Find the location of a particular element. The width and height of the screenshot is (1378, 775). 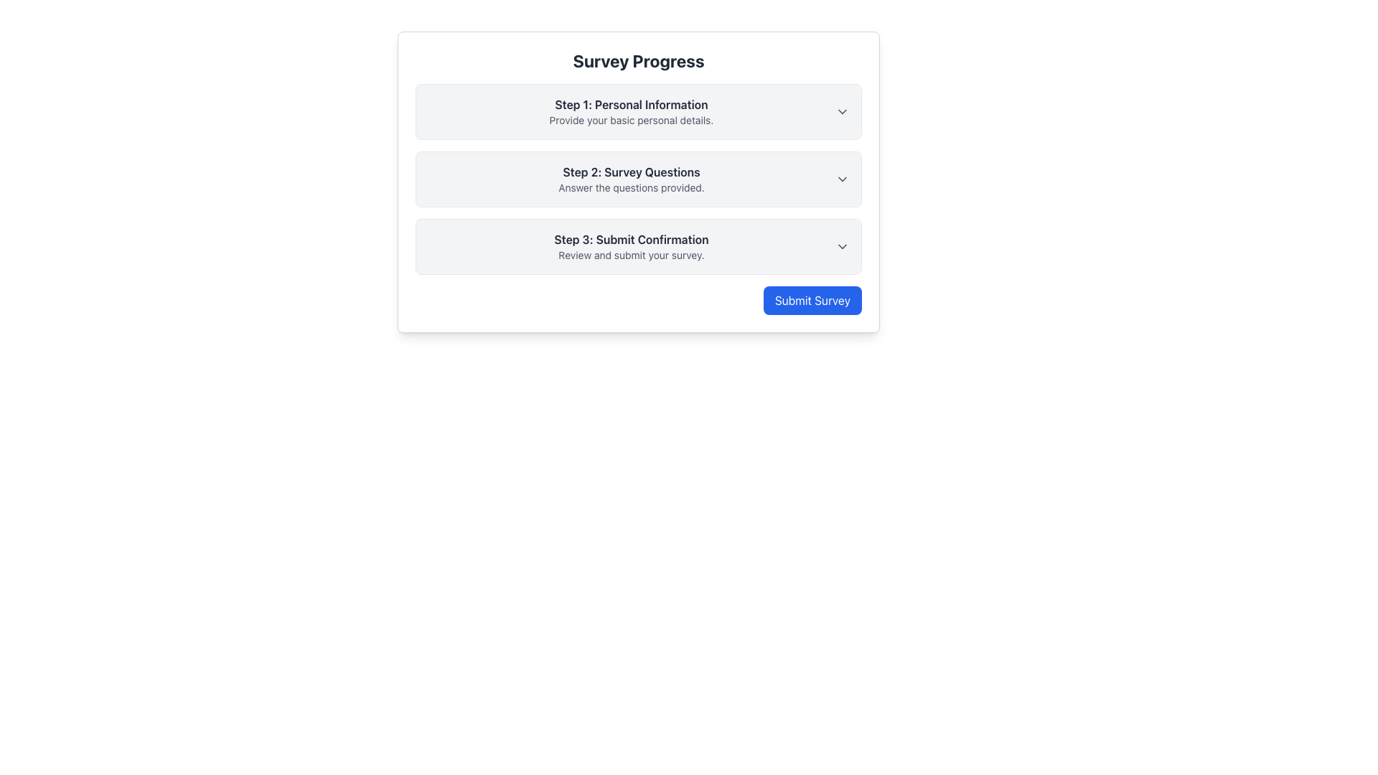

the Collapsible section header labeled 'Step 3: Submit Confirmation' with the description 'Review and submit your survey.' is located at coordinates (637, 245).